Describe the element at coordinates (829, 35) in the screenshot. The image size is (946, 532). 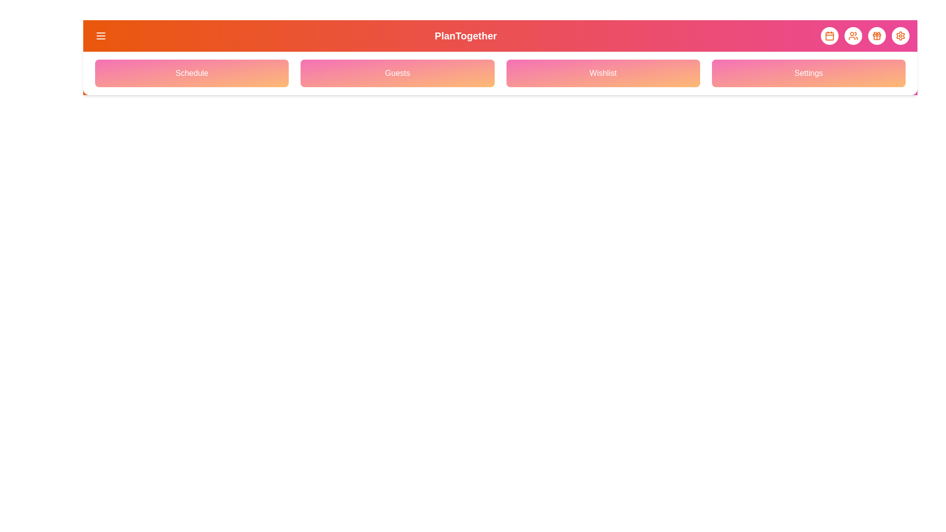
I see `the header button corresponding to Calendar` at that location.